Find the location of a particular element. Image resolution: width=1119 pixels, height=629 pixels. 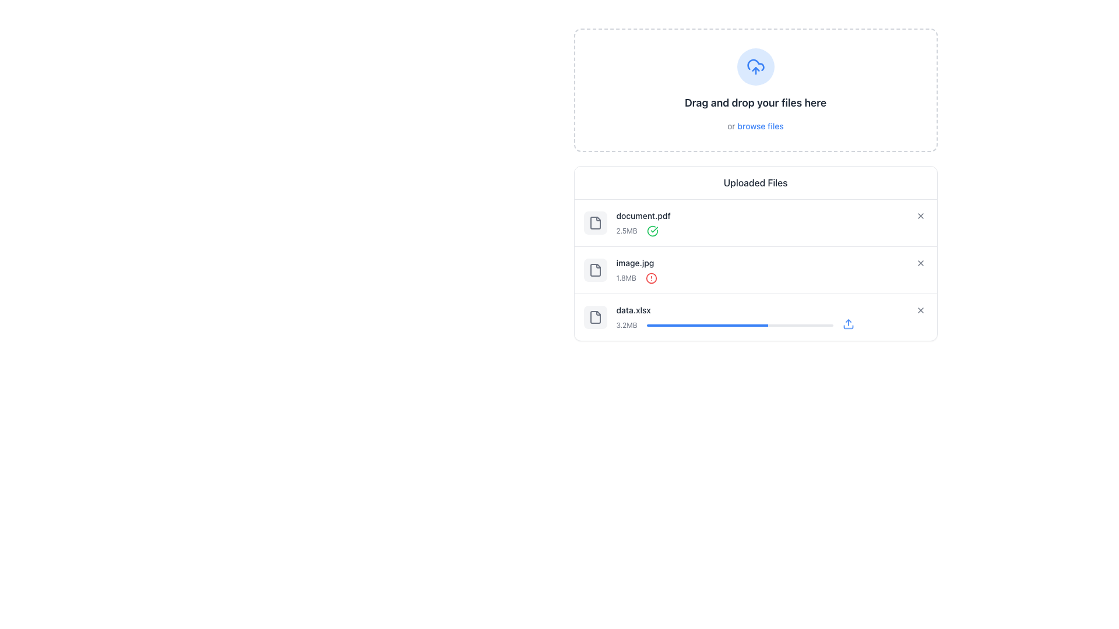

the button that allows users to remove the 'data.xlsx' file from the uploaded files list to change its background style is located at coordinates (920, 309).